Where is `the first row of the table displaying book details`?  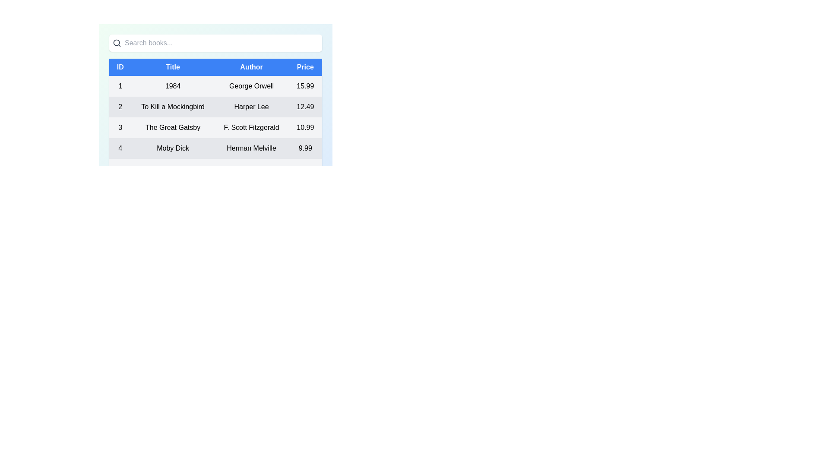
the first row of the table displaying book details is located at coordinates (215, 86).